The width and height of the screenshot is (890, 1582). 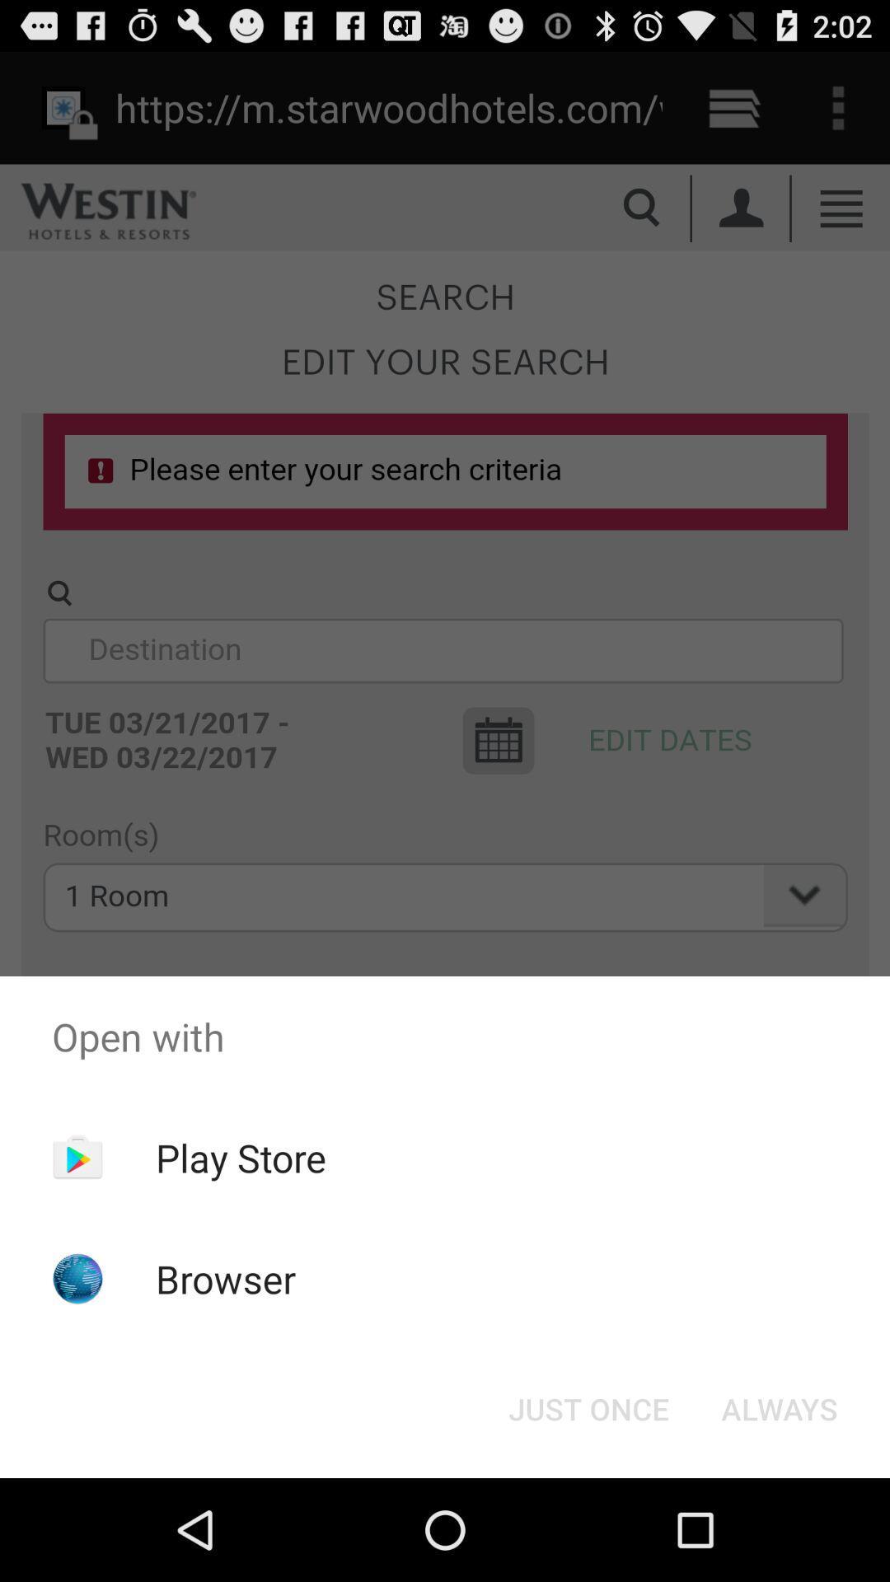 I want to click on icon next to the always item, so click(x=588, y=1407).